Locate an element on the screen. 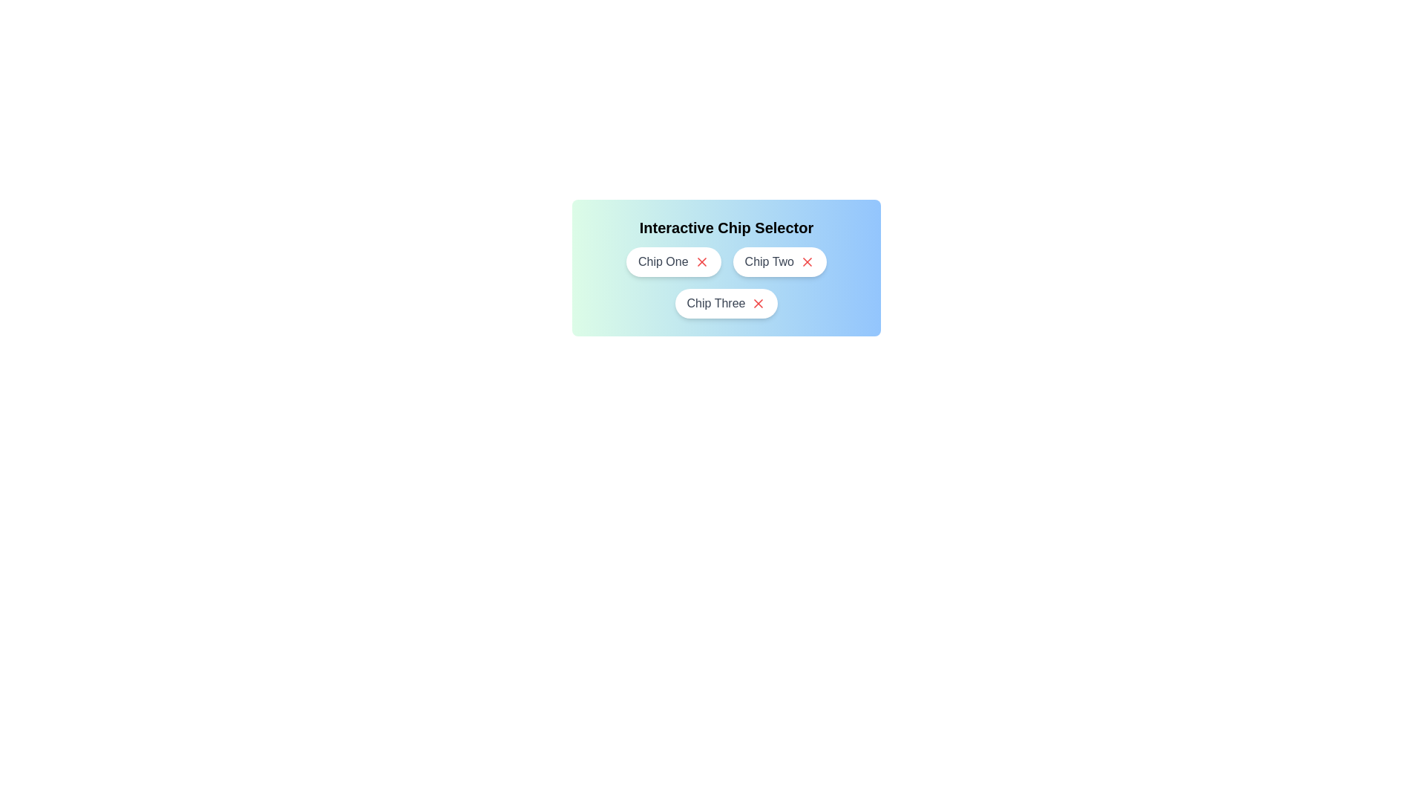 This screenshot has height=802, width=1425. close button of the chip labeled Chip Two to remove it is located at coordinates (807, 261).